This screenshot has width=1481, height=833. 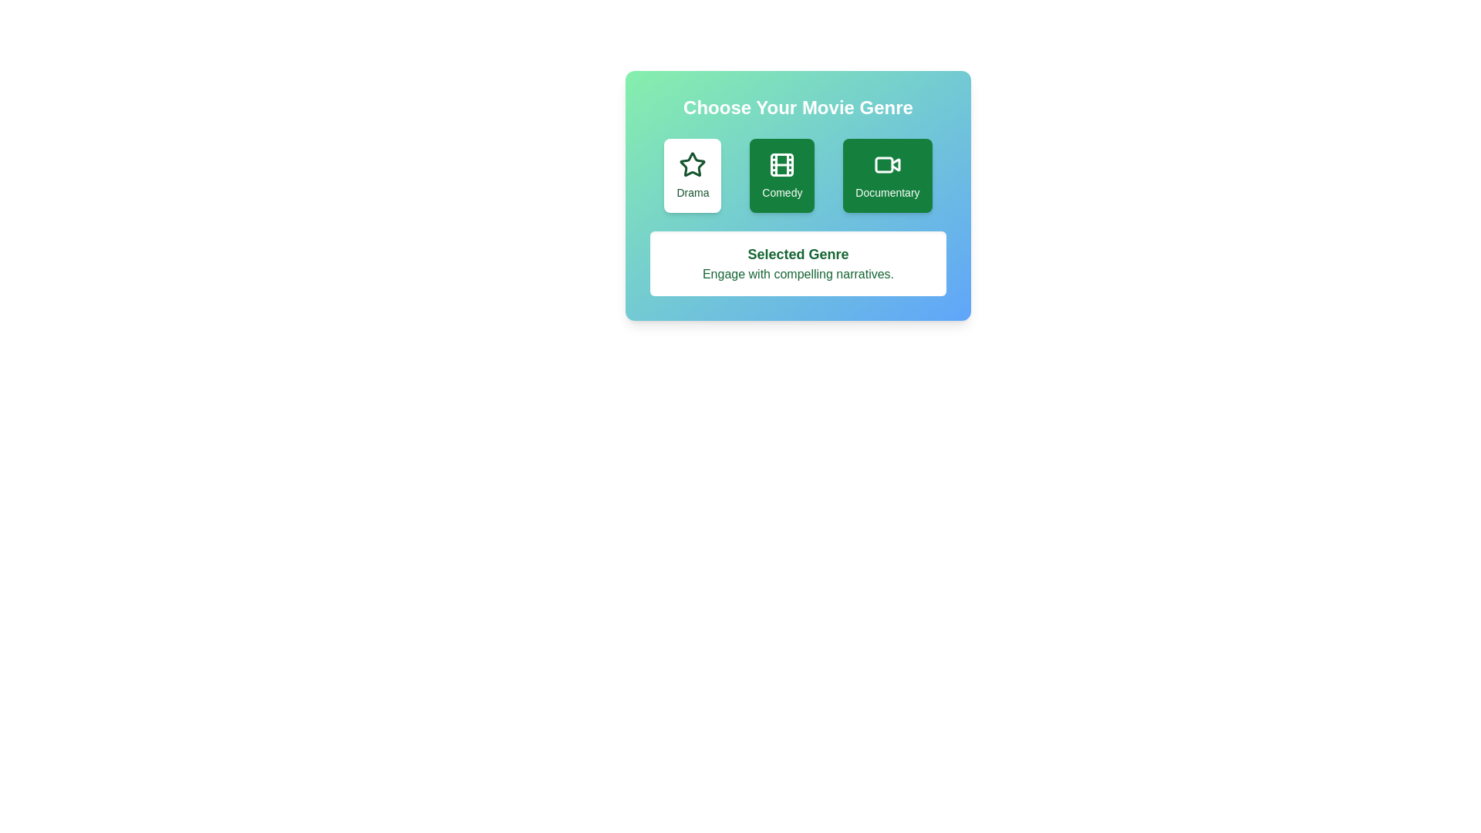 I want to click on the genre Drama by clicking its corresponding button, so click(x=691, y=174).